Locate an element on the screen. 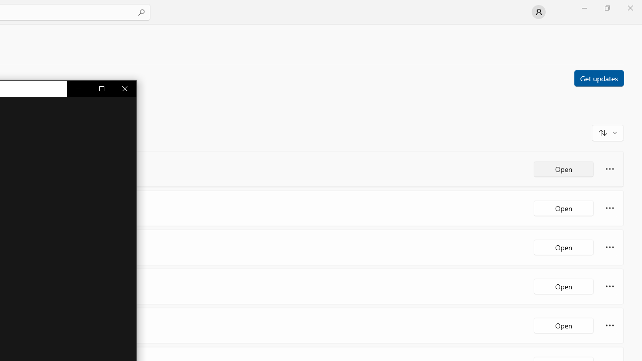 This screenshot has width=642, height=361. 'Close Microsoft Store' is located at coordinates (629, 8).